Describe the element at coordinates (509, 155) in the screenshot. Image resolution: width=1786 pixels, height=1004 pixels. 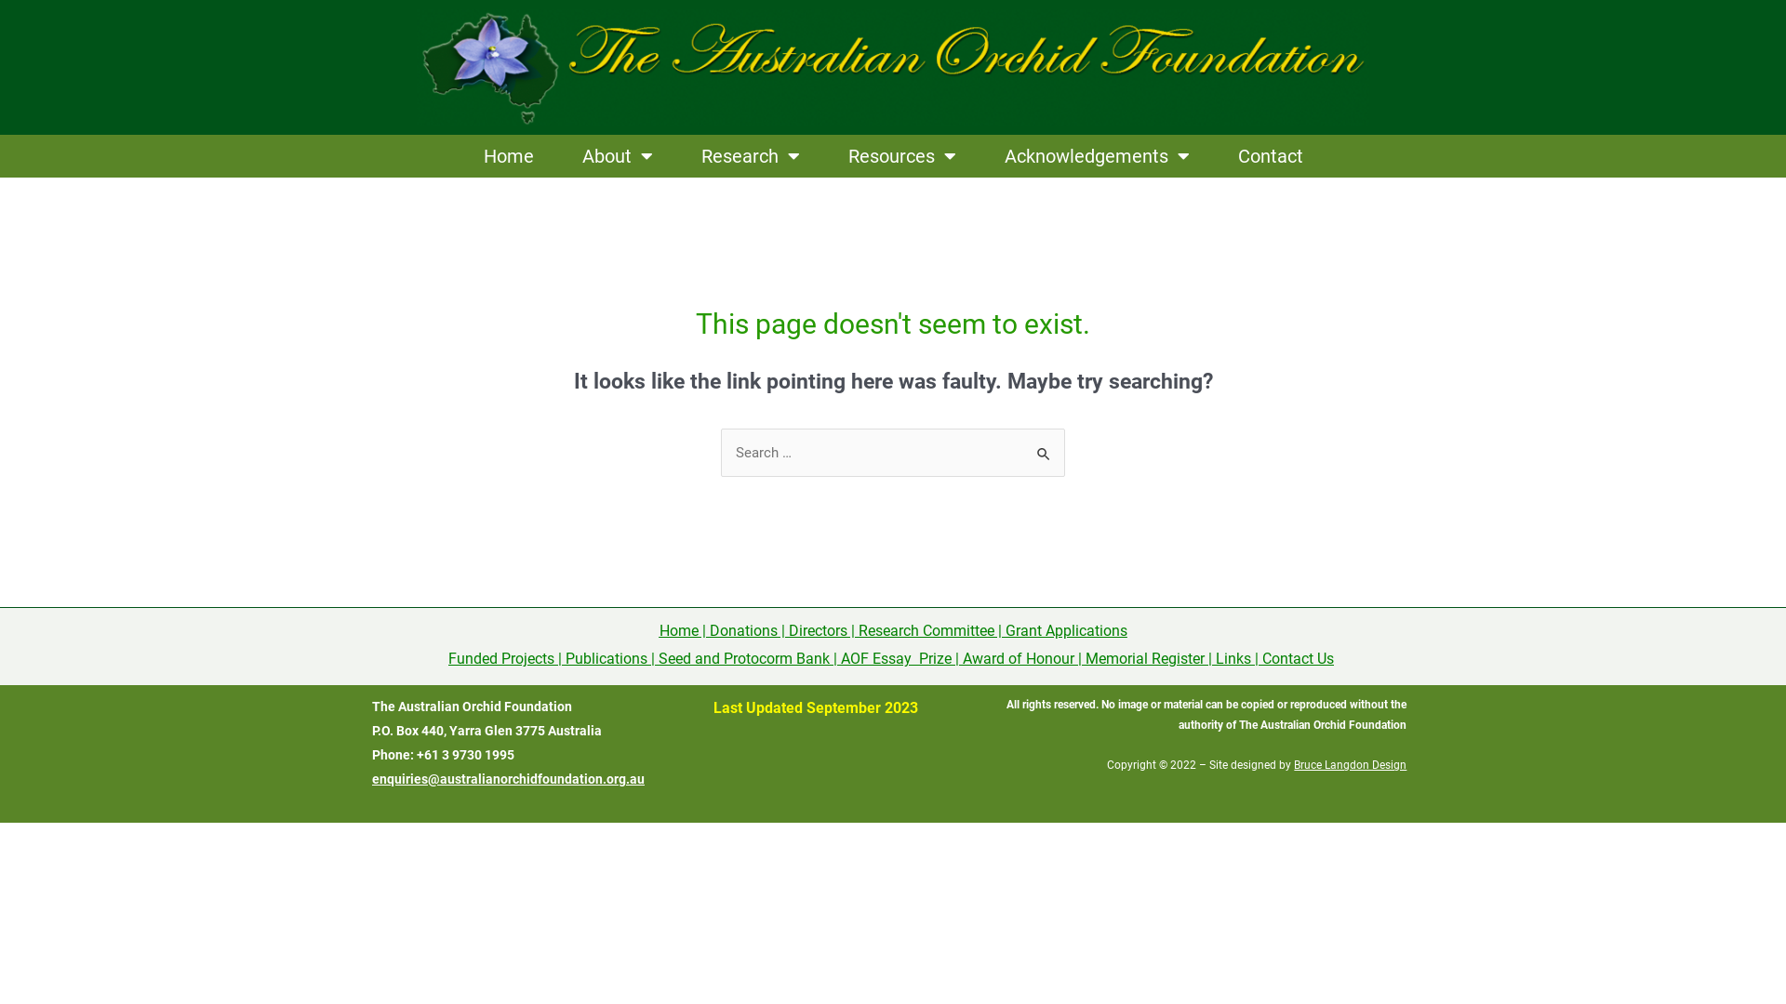
I see `'Home'` at that location.